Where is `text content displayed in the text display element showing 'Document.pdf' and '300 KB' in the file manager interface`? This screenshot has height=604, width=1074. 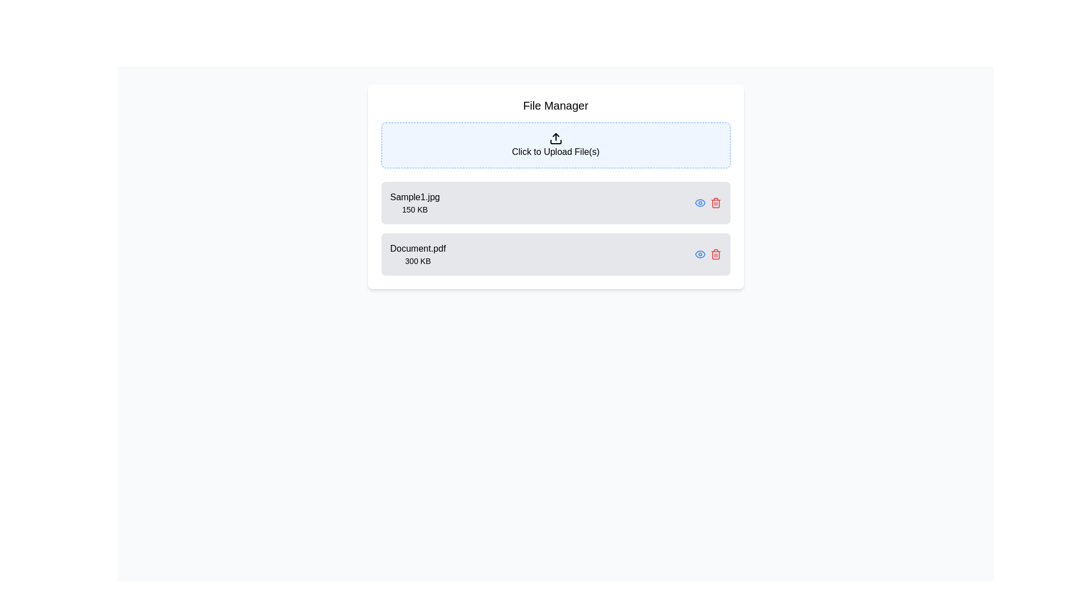 text content displayed in the text display element showing 'Document.pdf' and '300 KB' in the file manager interface is located at coordinates (417, 254).